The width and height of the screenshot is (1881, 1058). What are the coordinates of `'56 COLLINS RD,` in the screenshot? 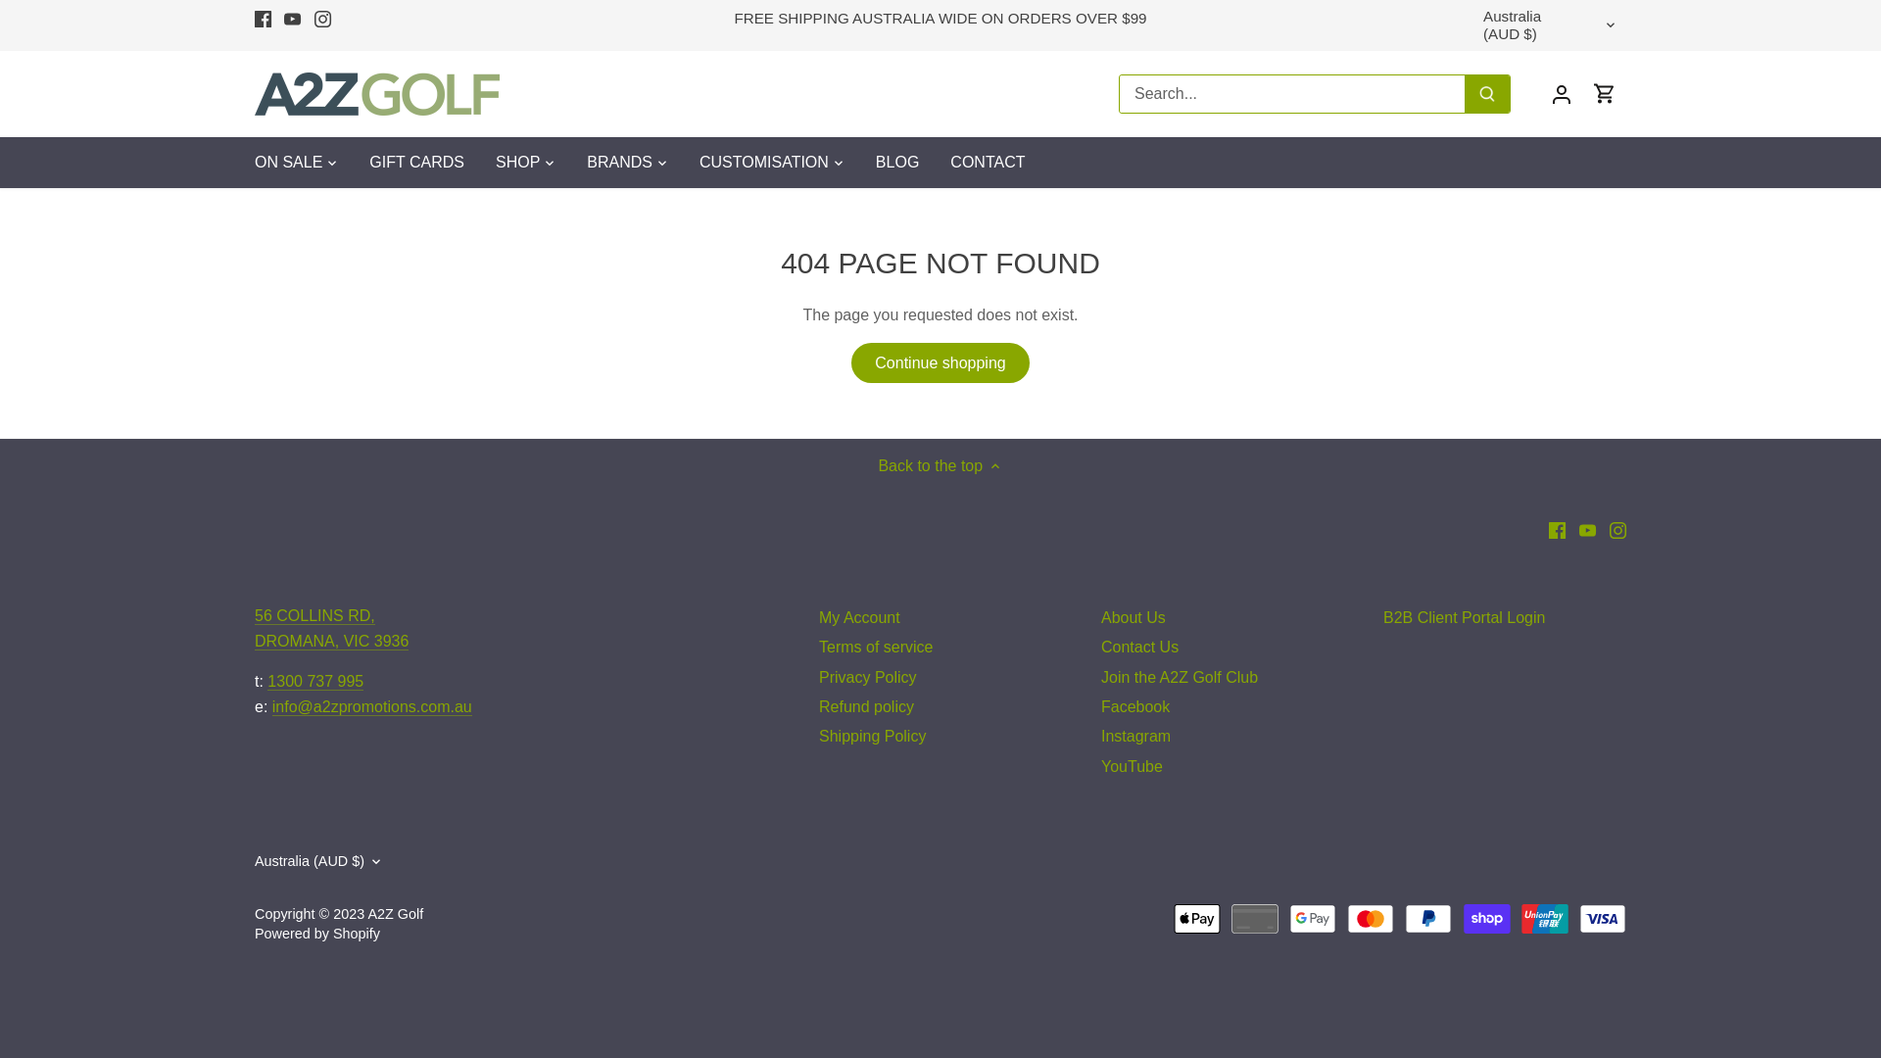 It's located at (331, 628).